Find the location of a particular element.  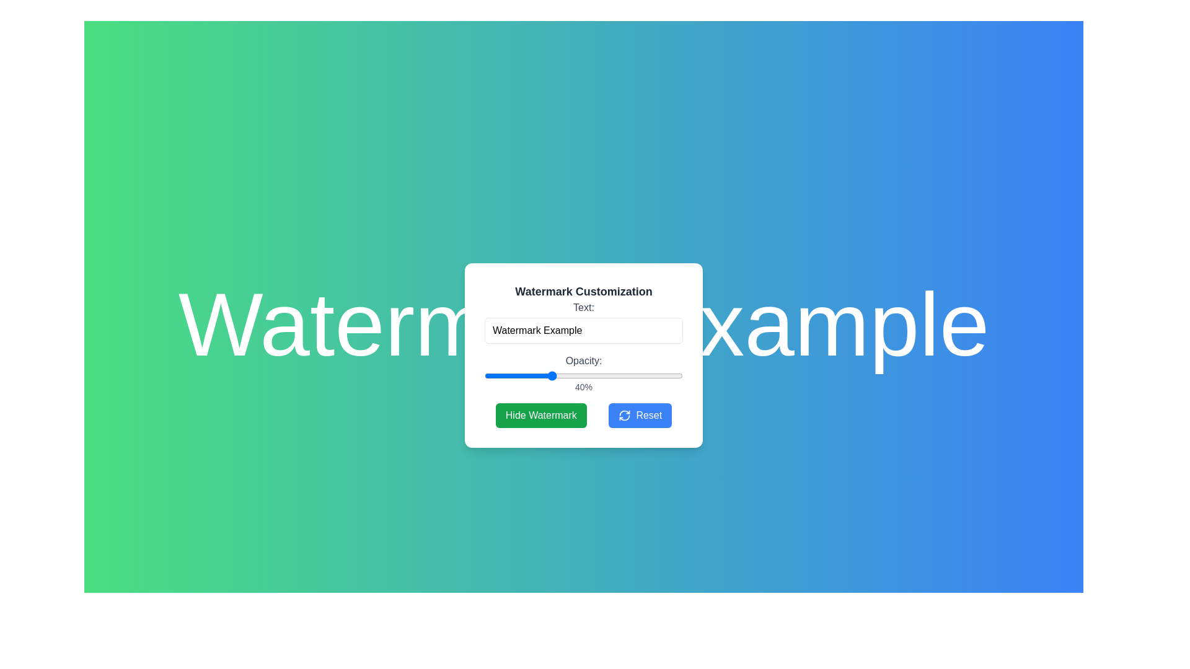

the 'Reset' text label located on the blue button in the lower-right corner of the modal dialog box is located at coordinates (648, 416).